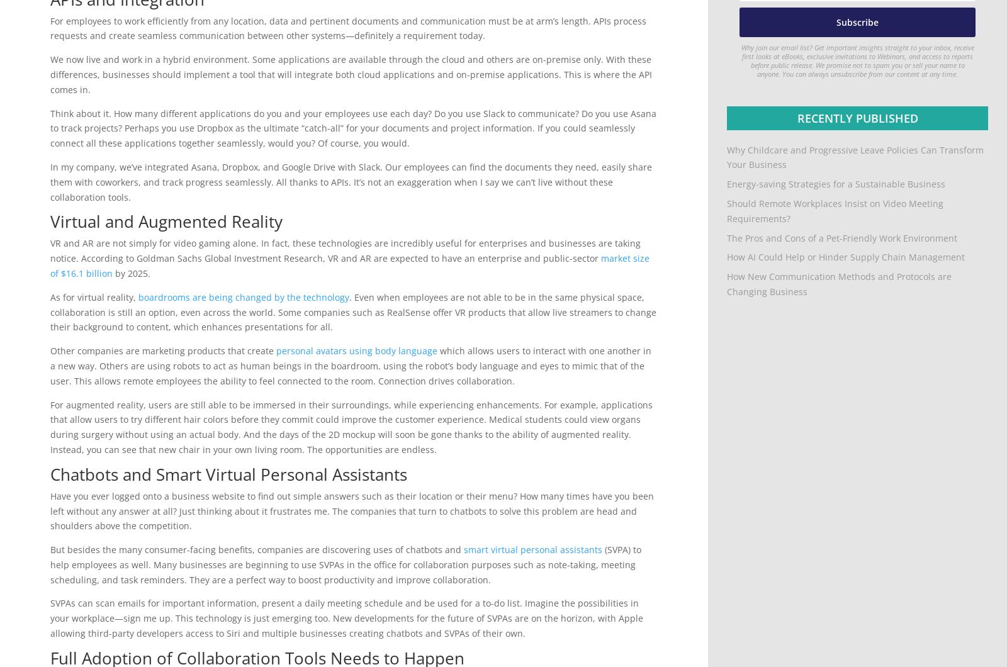  I want to click on 'But besides the many consumer-facing benefits, companies are discovering uses of chatbots and', so click(256, 549).